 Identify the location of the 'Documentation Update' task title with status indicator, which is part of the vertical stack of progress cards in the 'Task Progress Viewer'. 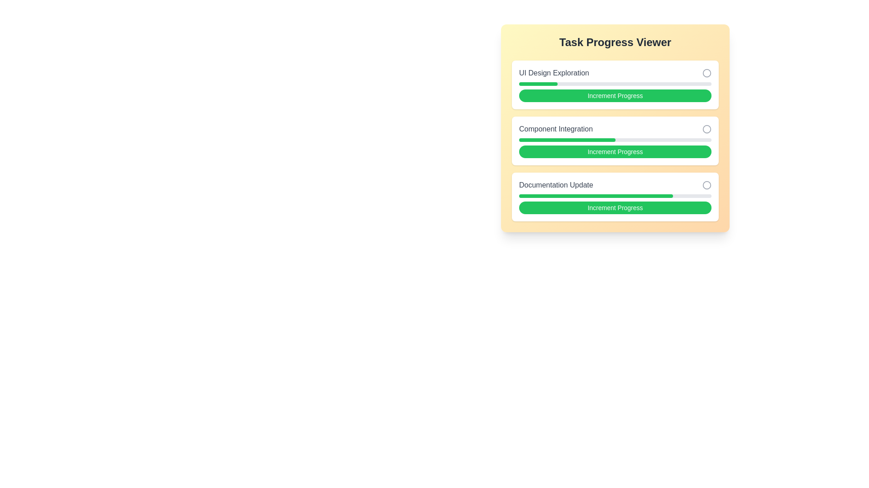
(615, 184).